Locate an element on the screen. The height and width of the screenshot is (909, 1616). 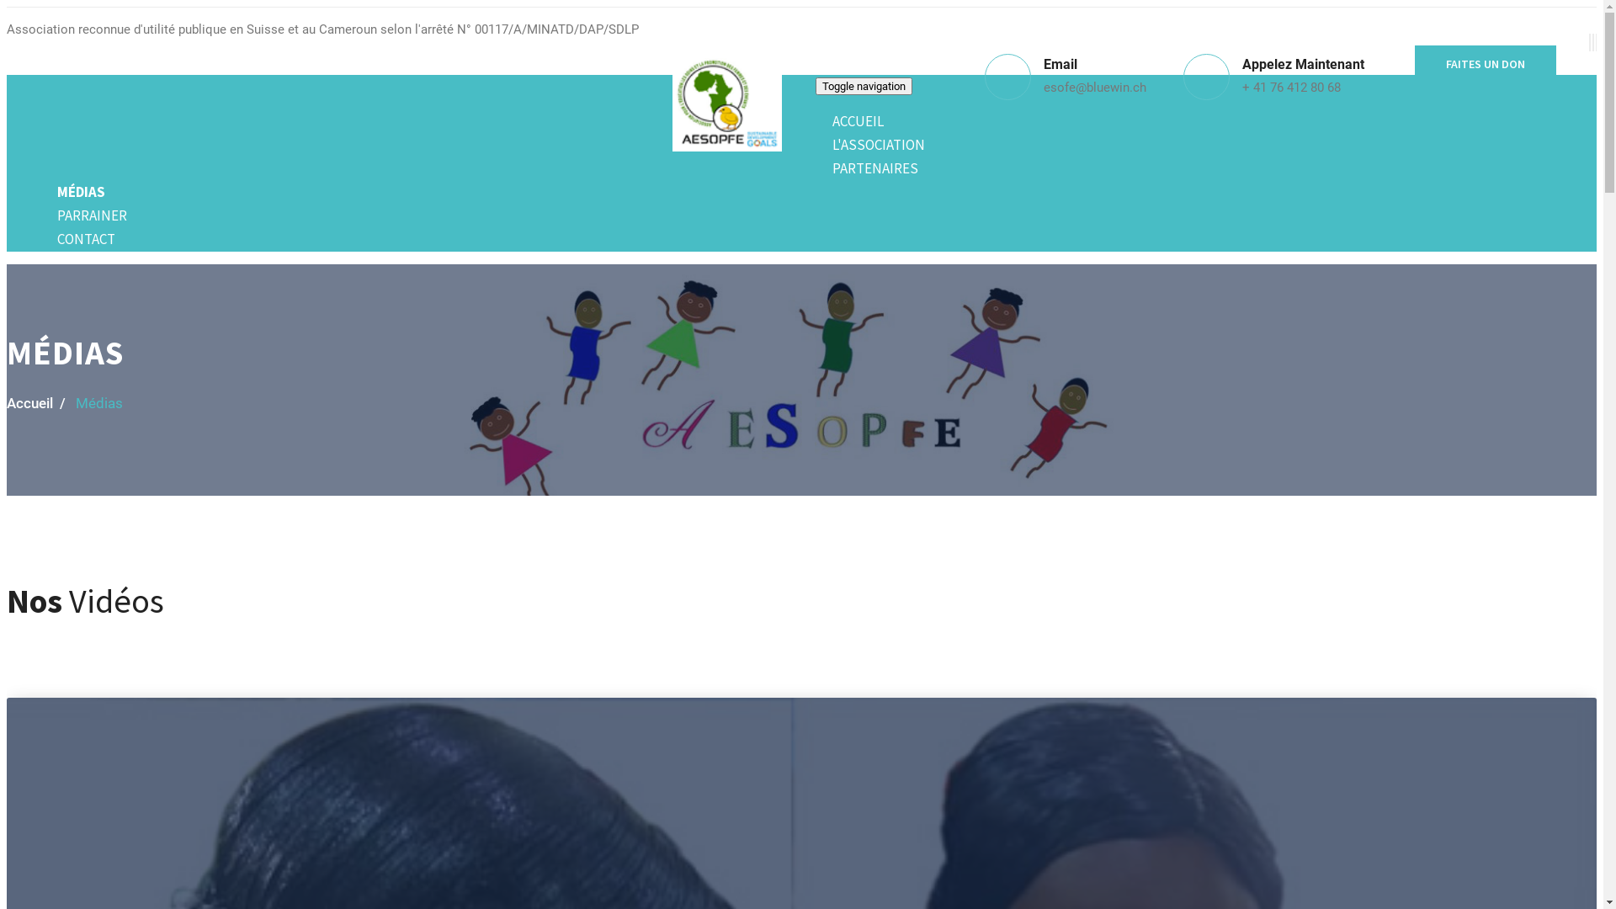
'Toggle navigation' is located at coordinates (864, 86).